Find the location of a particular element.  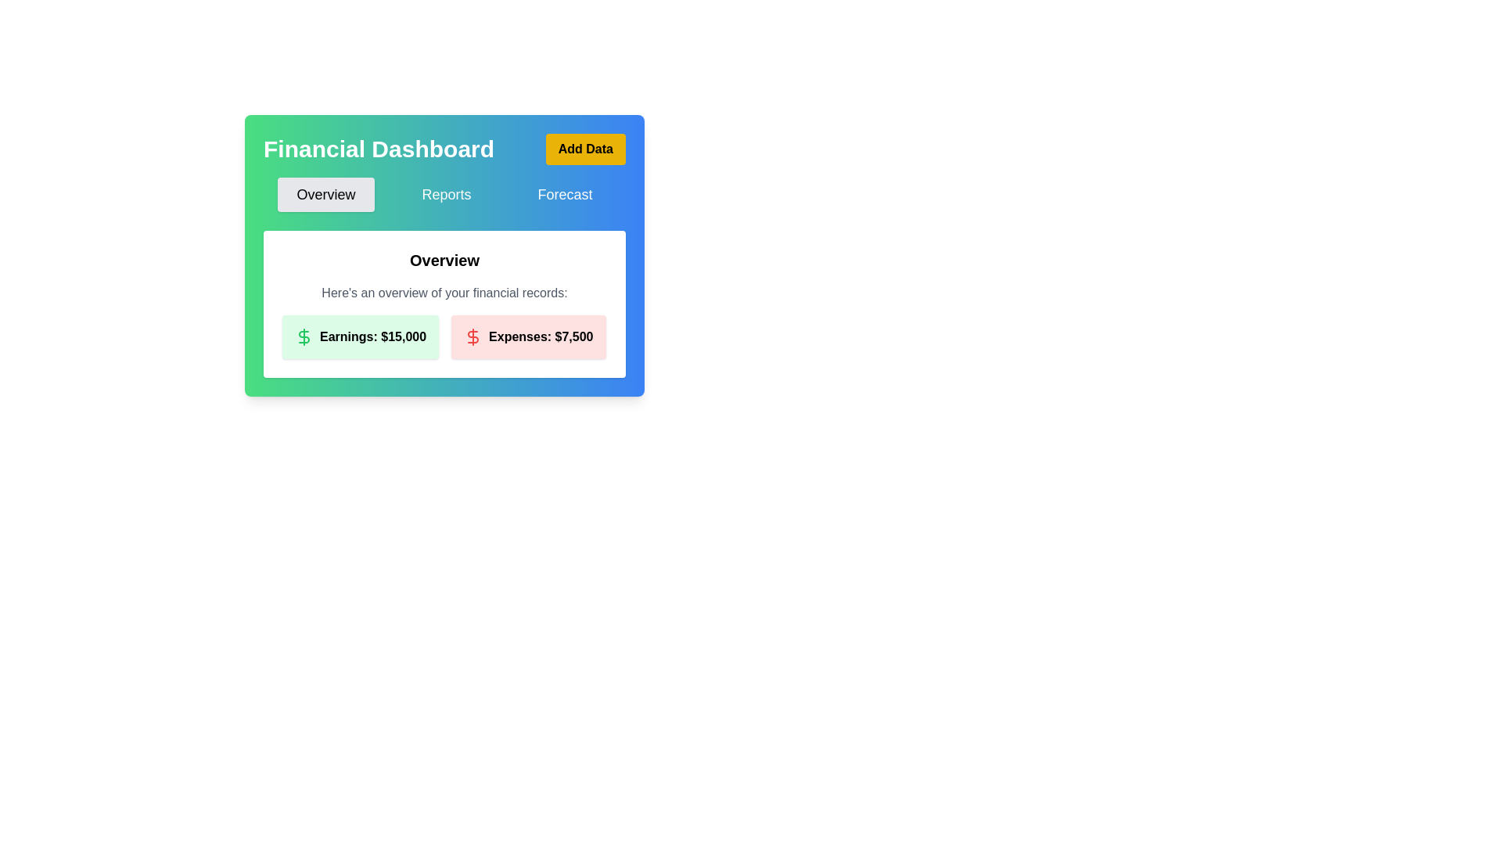

text label that serves as a heading, located within a white rectangular card, specifically the text 'Overview' is located at coordinates (444, 259).